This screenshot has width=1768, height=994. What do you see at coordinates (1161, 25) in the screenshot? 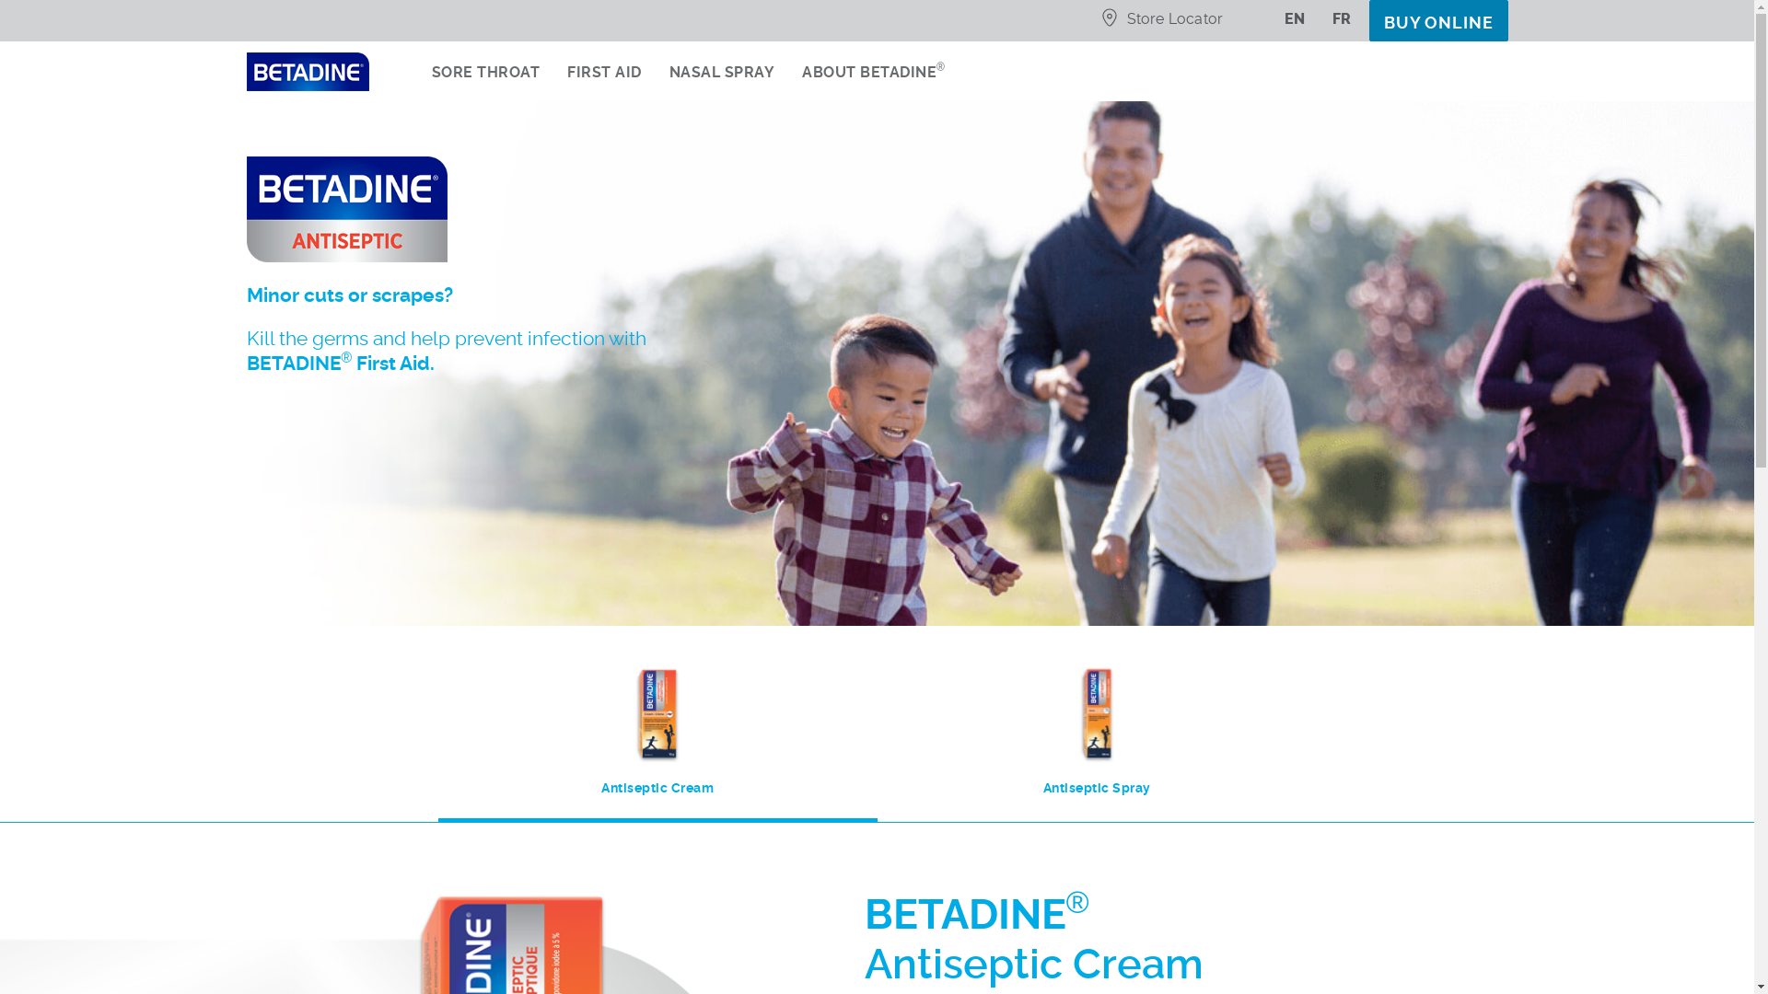
I see `'Store Locator'` at bounding box center [1161, 25].